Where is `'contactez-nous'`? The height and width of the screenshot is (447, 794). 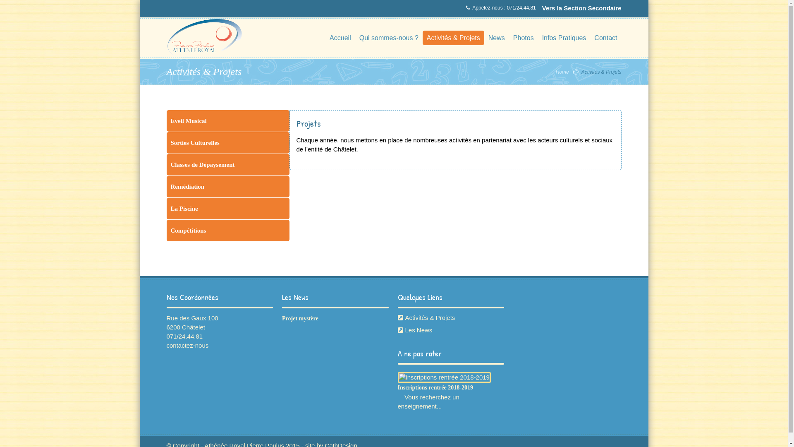
'contactez-nous' is located at coordinates (166, 345).